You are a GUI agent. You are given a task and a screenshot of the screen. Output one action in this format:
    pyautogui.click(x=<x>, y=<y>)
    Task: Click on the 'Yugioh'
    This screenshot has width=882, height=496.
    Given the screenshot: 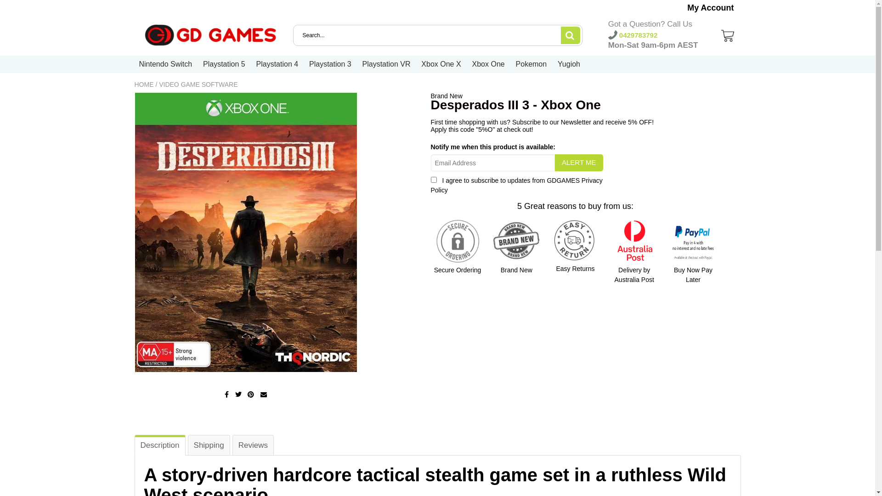 What is the action you would take?
    pyautogui.click(x=568, y=63)
    